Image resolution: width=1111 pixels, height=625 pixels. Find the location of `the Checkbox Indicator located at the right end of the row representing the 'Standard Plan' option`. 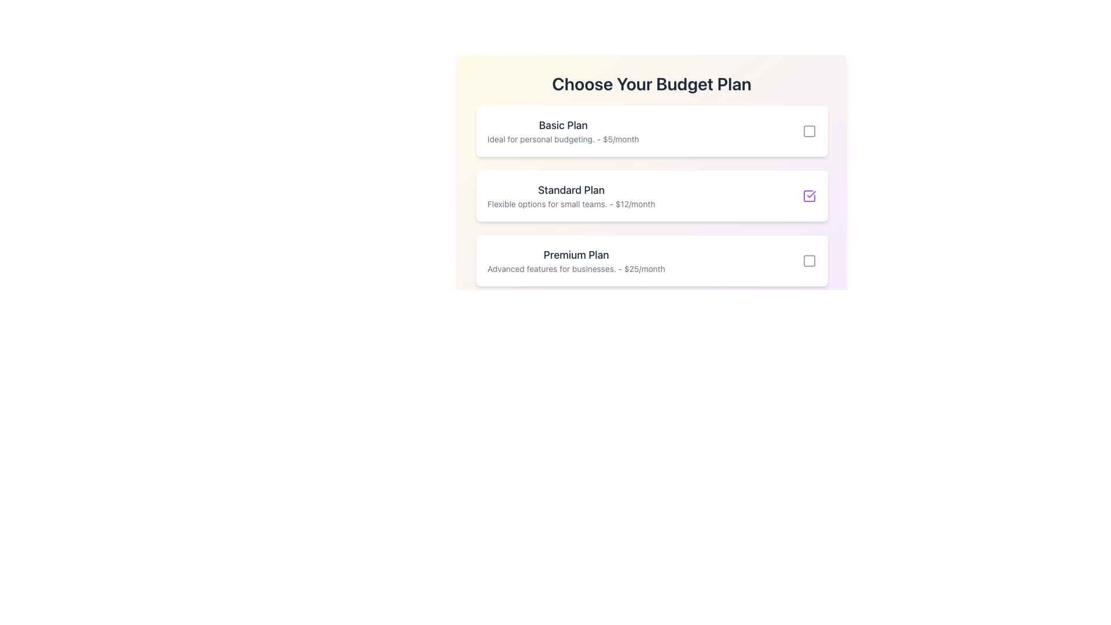

the Checkbox Indicator located at the right end of the row representing the 'Standard Plan' option is located at coordinates (808, 196).